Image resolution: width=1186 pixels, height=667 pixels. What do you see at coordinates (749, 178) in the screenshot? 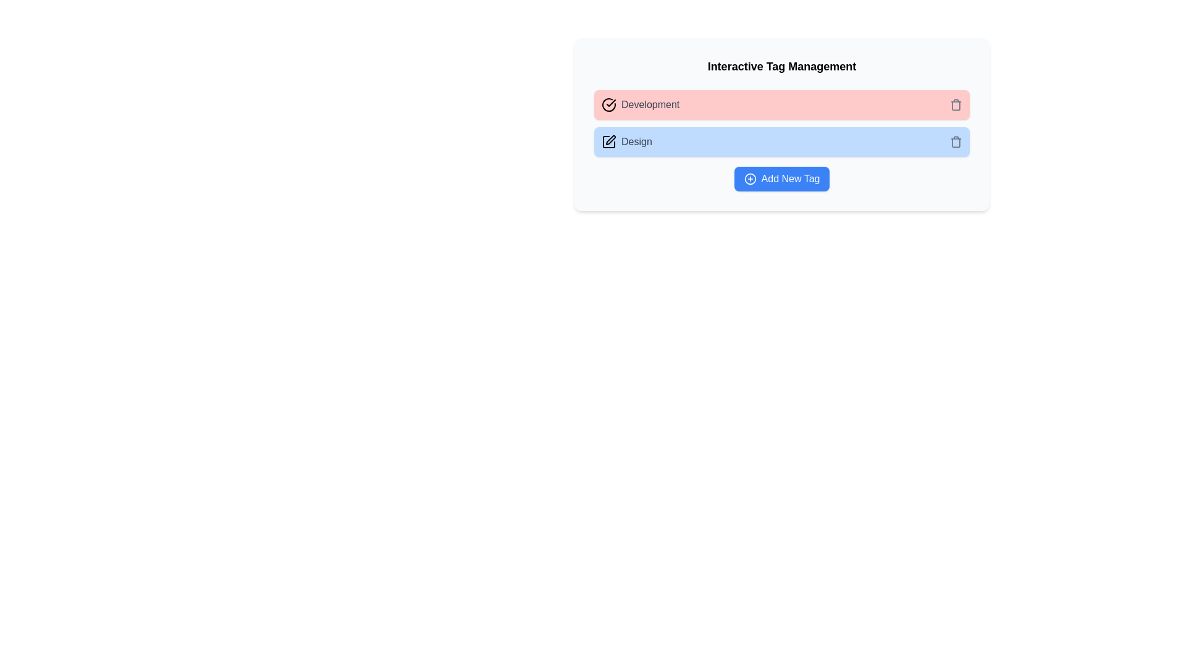
I see `the icon located to the left of the 'Add New Tag' text within the button` at bounding box center [749, 178].